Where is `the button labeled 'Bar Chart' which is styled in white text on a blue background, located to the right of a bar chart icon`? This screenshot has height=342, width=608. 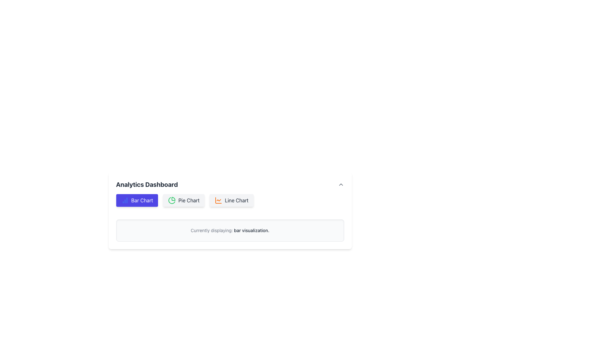 the button labeled 'Bar Chart' which is styled in white text on a blue background, located to the right of a bar chart icon is located at coordinates (142, 200).